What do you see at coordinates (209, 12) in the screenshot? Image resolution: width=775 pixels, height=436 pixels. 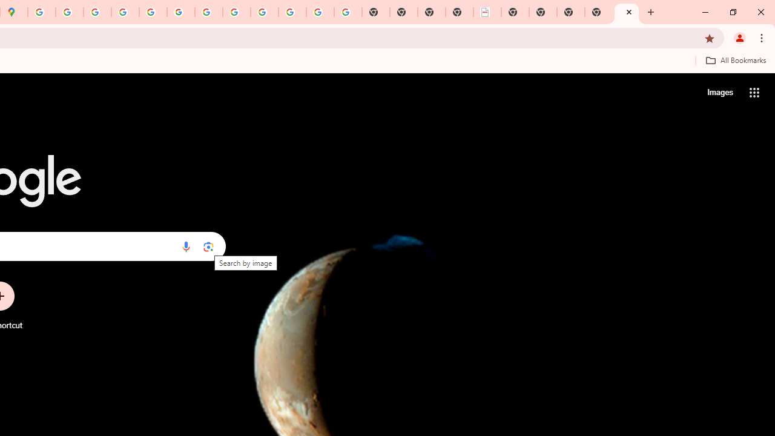 I see `'YouTube'` at bounding box center [209, 12].